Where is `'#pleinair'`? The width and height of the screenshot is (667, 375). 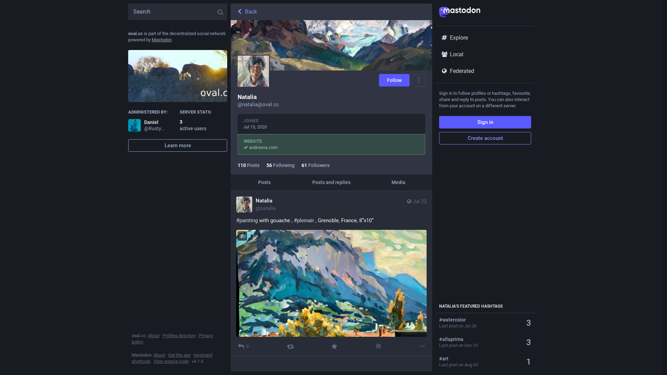
'#pleinair' is located at coordinates (304, 220).